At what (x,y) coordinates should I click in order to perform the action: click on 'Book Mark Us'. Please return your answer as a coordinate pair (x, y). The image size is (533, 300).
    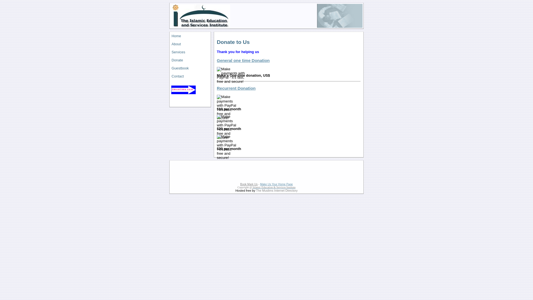
    Looking at the image, I should click on (248, 184).